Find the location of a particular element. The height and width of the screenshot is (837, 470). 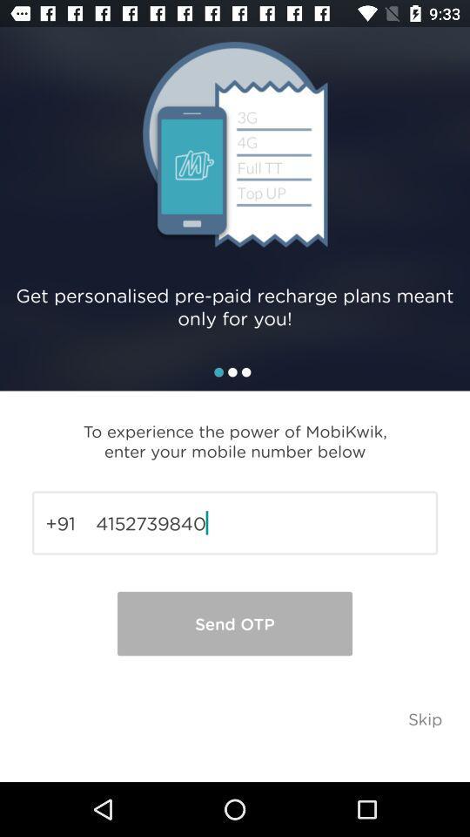

the skip is located at coordinates (424, 718).